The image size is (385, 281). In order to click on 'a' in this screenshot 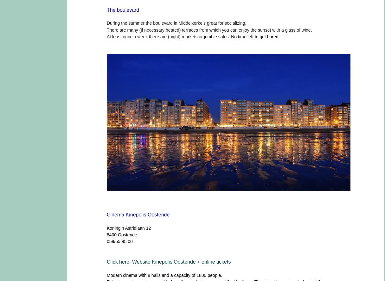, I will do `click(281, 29)`.